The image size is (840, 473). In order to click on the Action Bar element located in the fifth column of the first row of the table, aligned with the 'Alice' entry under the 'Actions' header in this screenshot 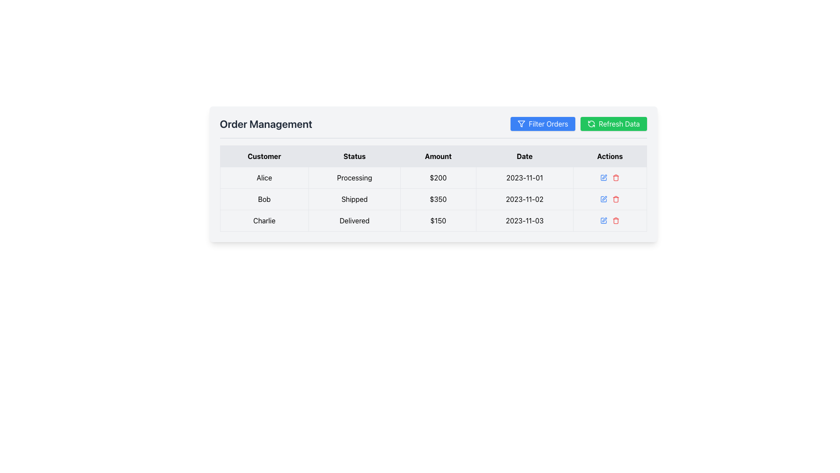, I will do `click(609, 177)`.